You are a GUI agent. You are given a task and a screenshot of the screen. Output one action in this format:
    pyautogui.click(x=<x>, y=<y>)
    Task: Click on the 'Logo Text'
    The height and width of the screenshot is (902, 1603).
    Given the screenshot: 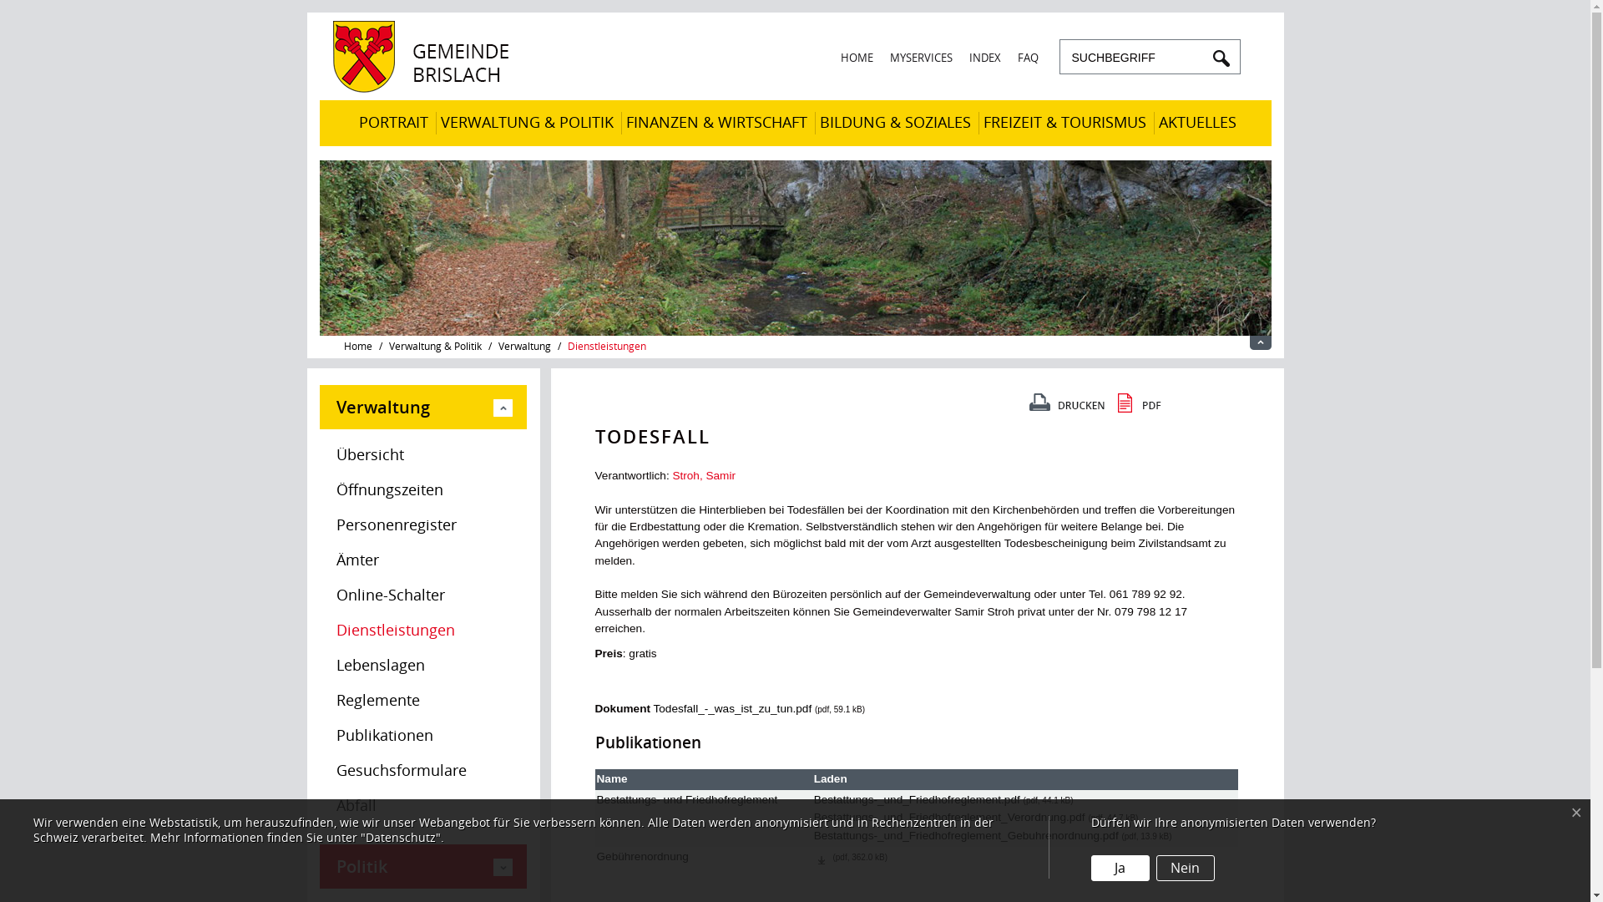 What is the action you would take?
    pyautogui.click(x=426, y=89)
    